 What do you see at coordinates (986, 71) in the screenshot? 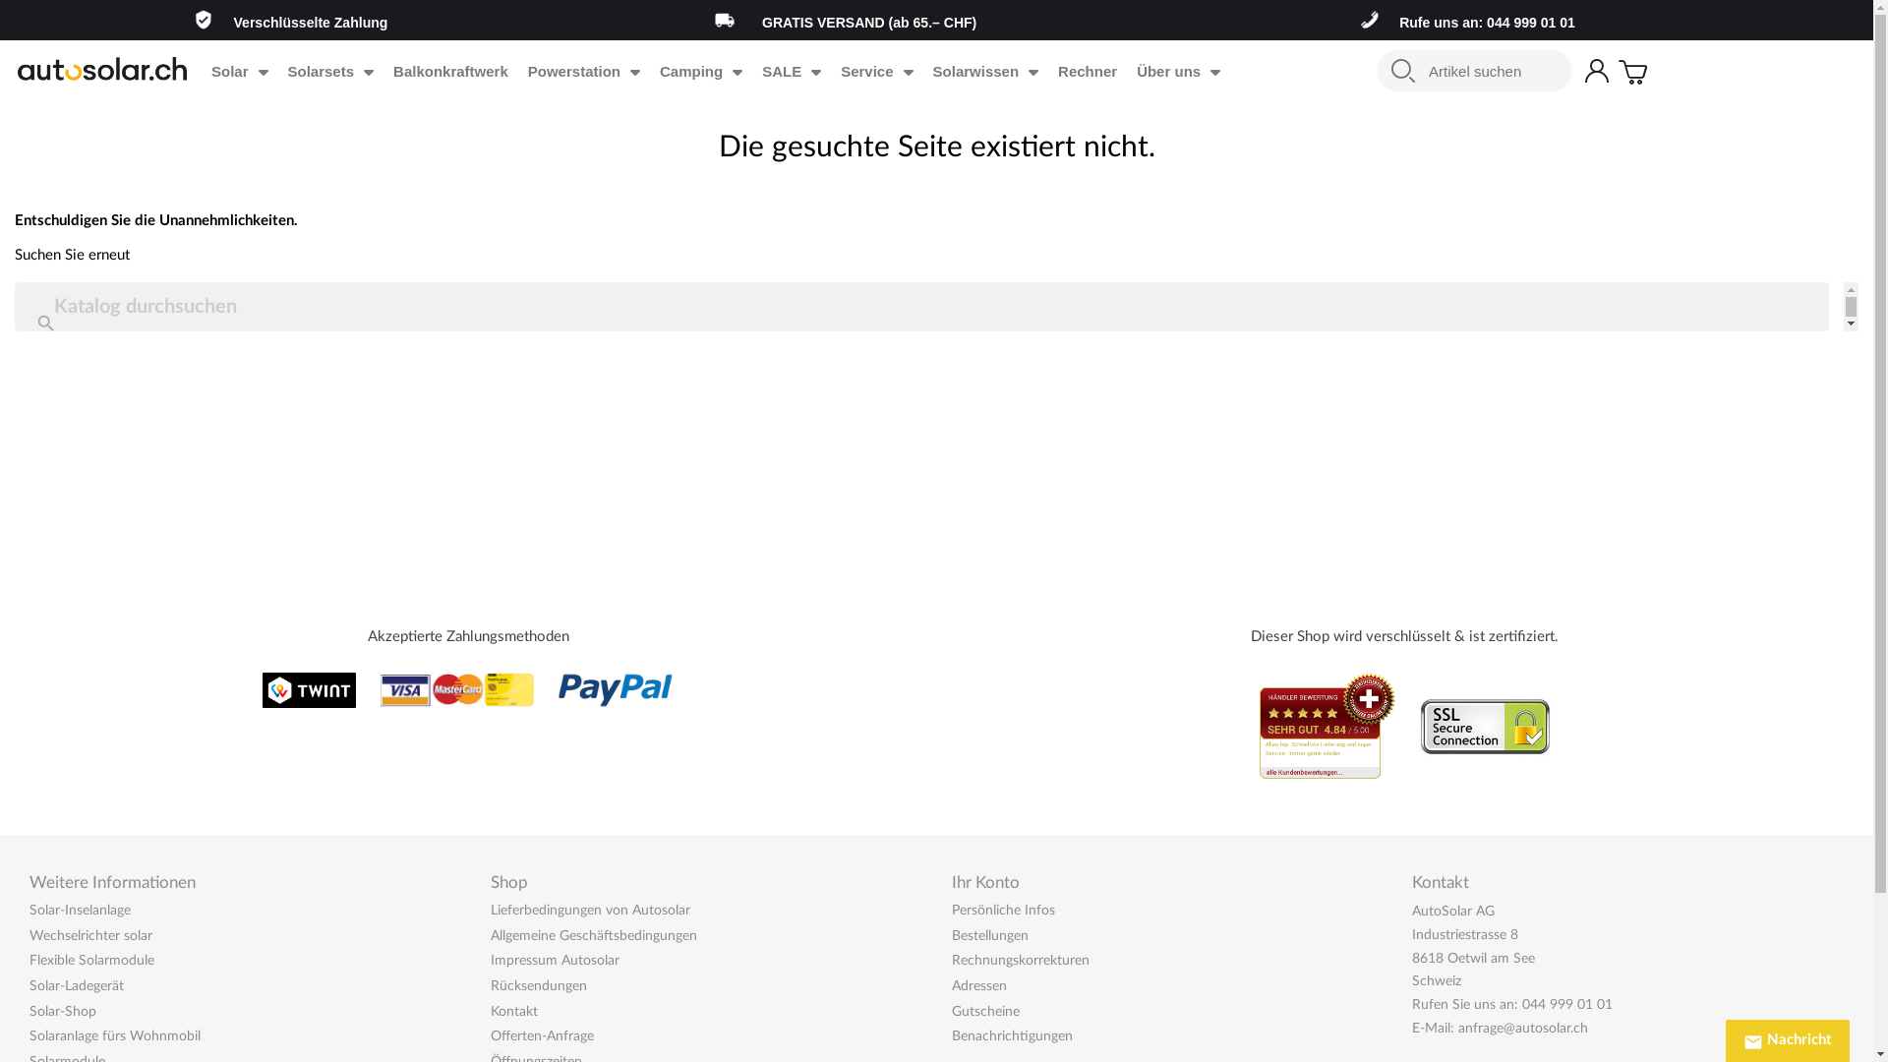
I see `'Solarwissen'` at bounding box center [986, 71].